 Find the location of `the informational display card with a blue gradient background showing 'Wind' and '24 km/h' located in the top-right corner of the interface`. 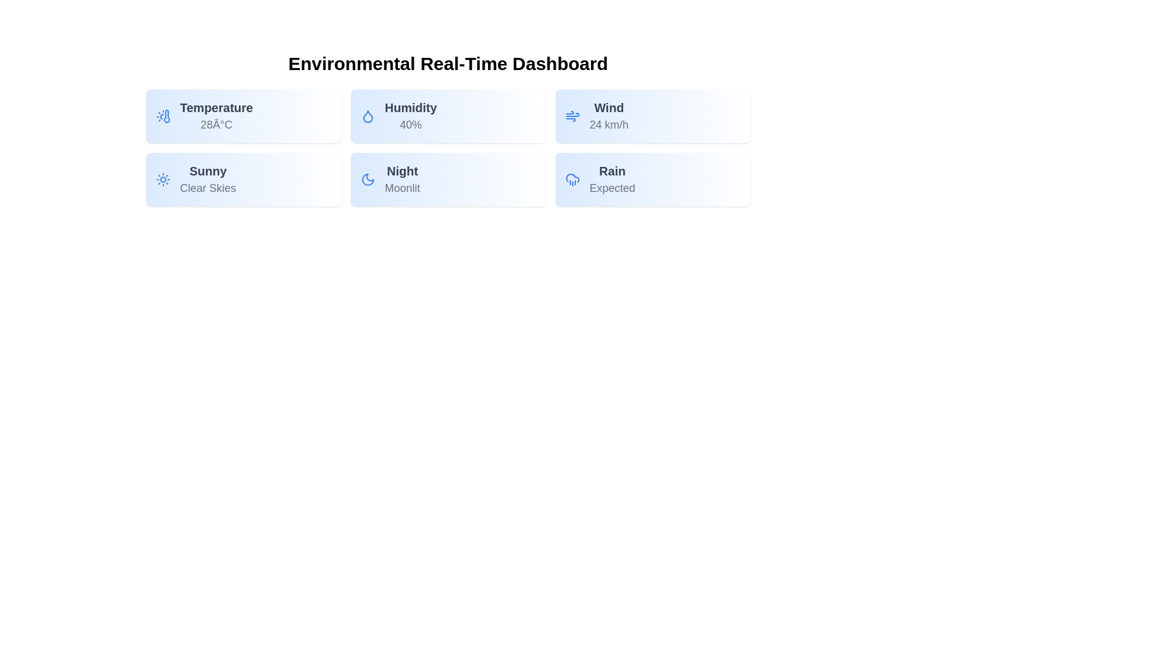

the informational display card with a blue gradient background showing 'Wind' and '24 km/h' located in the top-right corner of the interface is located at coordinates (652, 116).